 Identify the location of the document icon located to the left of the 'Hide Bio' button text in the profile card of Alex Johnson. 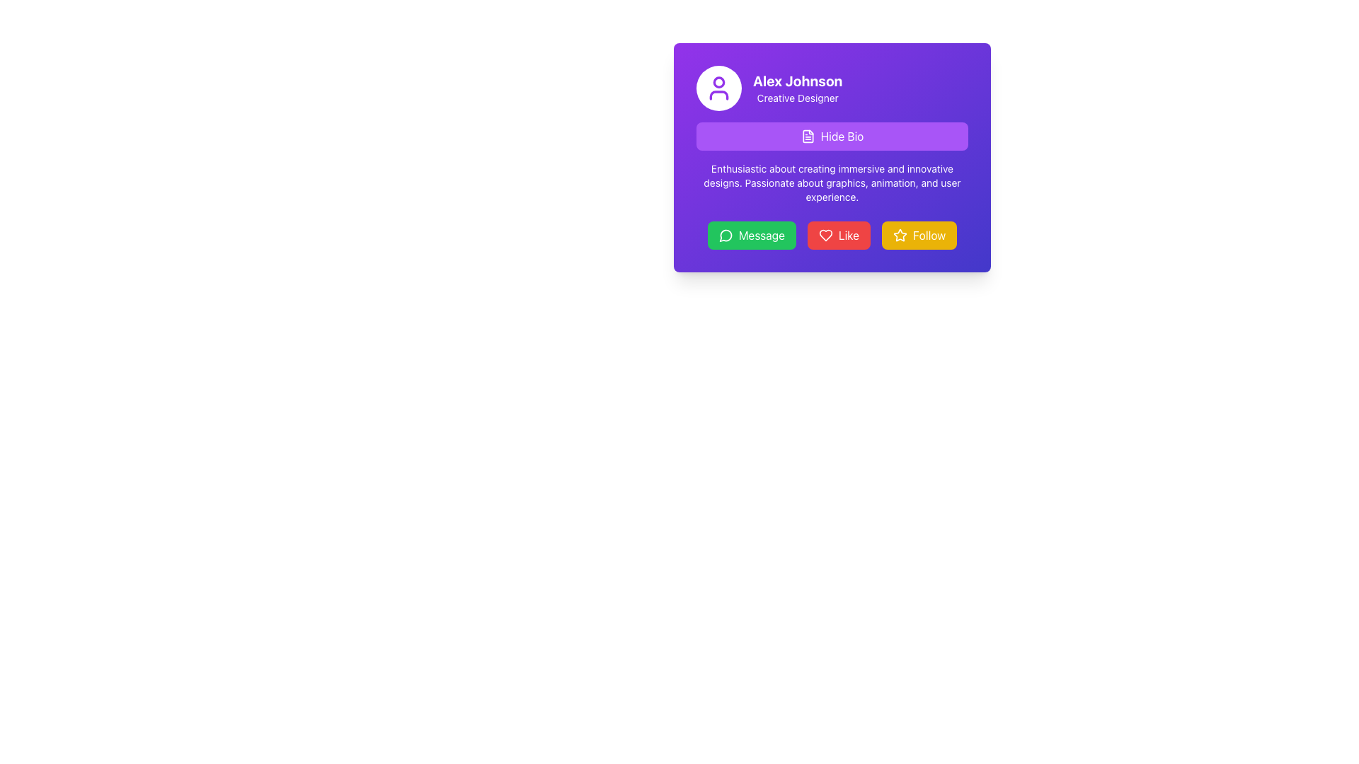
(808, 136).